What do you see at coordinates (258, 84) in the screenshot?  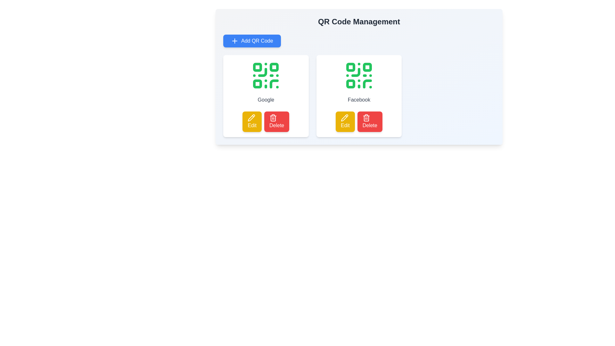 I see `the Icon fragment that visually represents a part of the QR code design for 'Google', located in the left card under 'QR Code Management'` at bounding box center [258, 84].